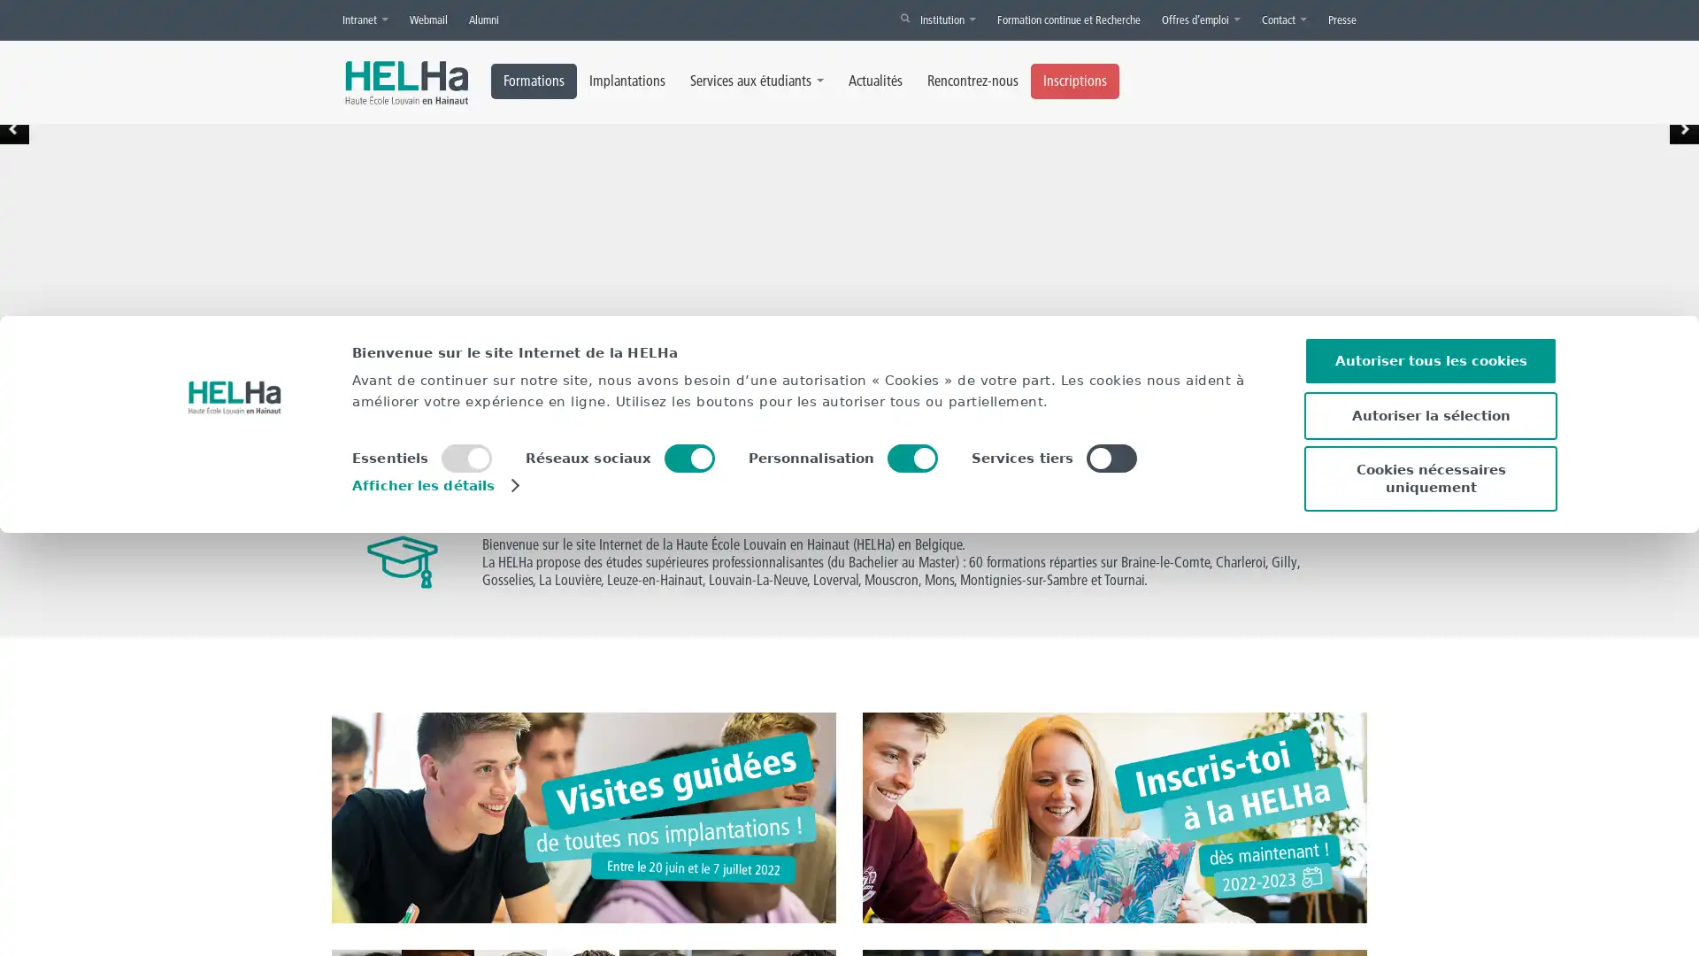 This screenshot has width=1699, height=956. I want to click on Autoriser la selection, so click(1431, 837).